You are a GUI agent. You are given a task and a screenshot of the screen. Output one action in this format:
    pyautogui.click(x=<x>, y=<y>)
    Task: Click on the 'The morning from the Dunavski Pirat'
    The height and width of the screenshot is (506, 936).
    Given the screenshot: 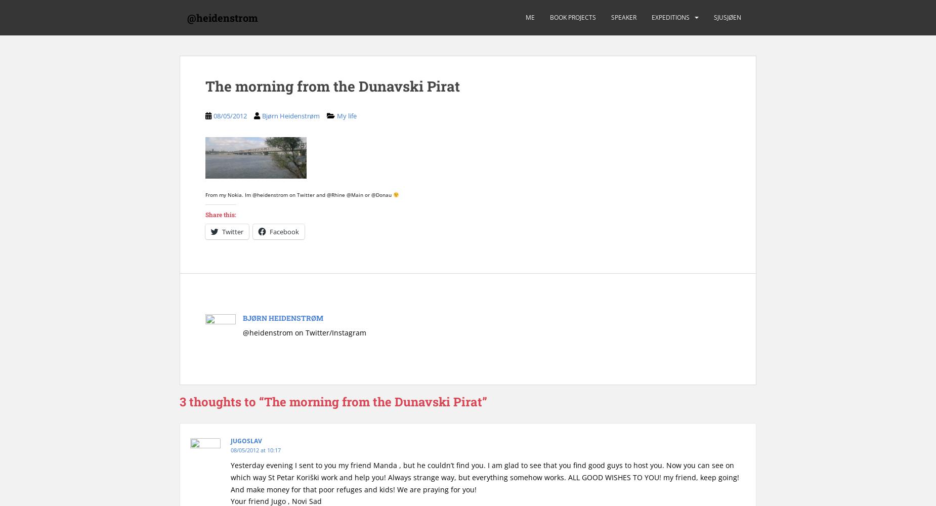 What is the action you would take?
    pyautogui.click(x=332, y=86)
    